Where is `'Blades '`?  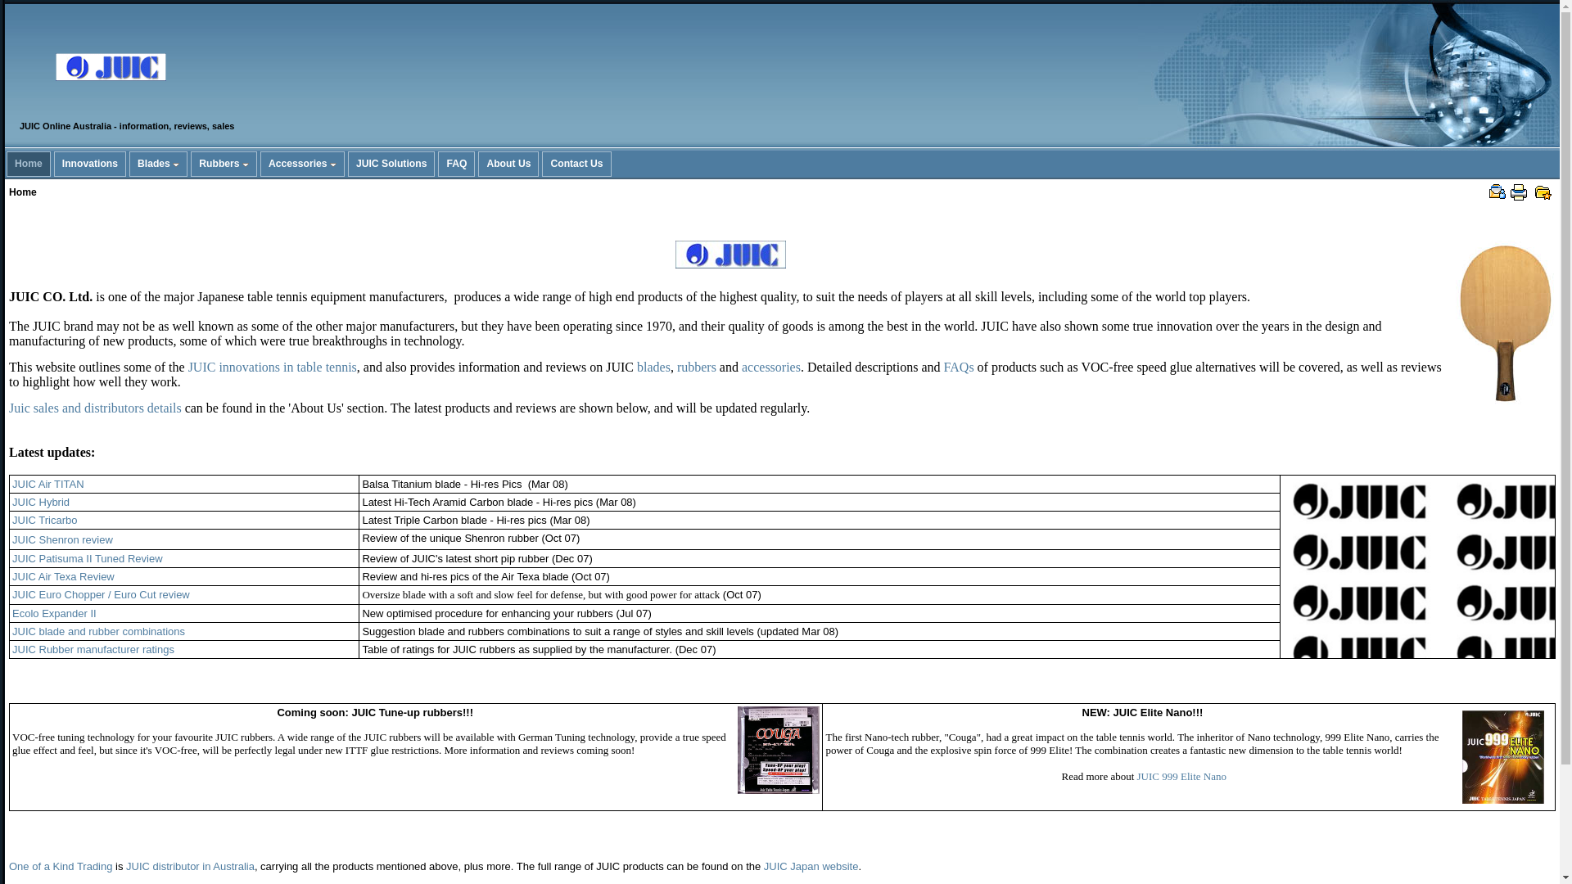
'Blades ' is located at coordinates (129, 164).